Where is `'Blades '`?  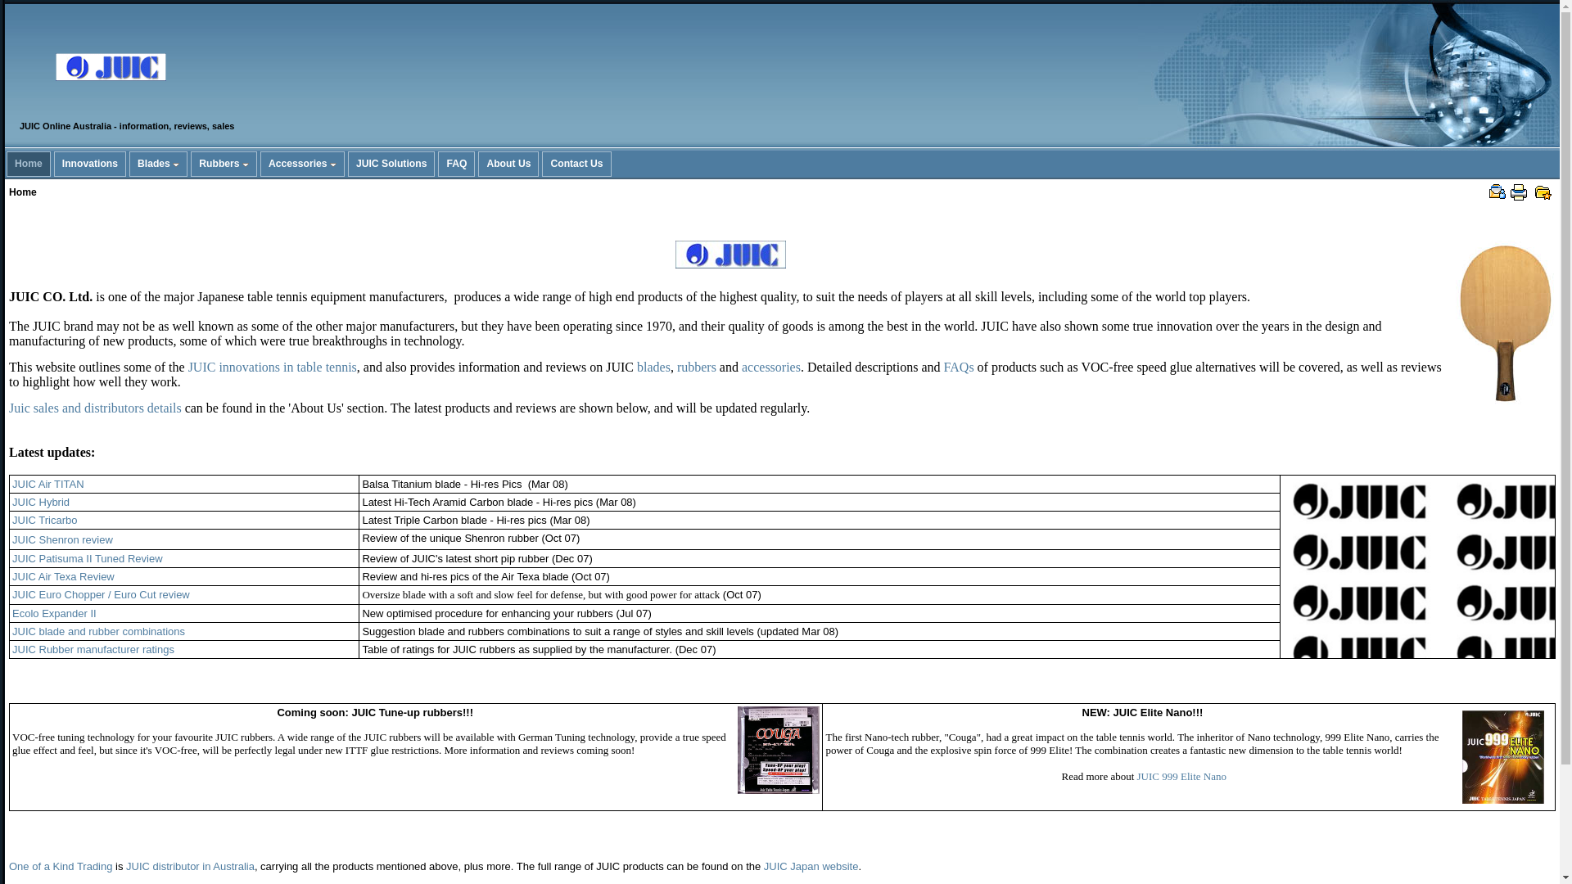
'Blades ' is located at coordinates (129, 164).